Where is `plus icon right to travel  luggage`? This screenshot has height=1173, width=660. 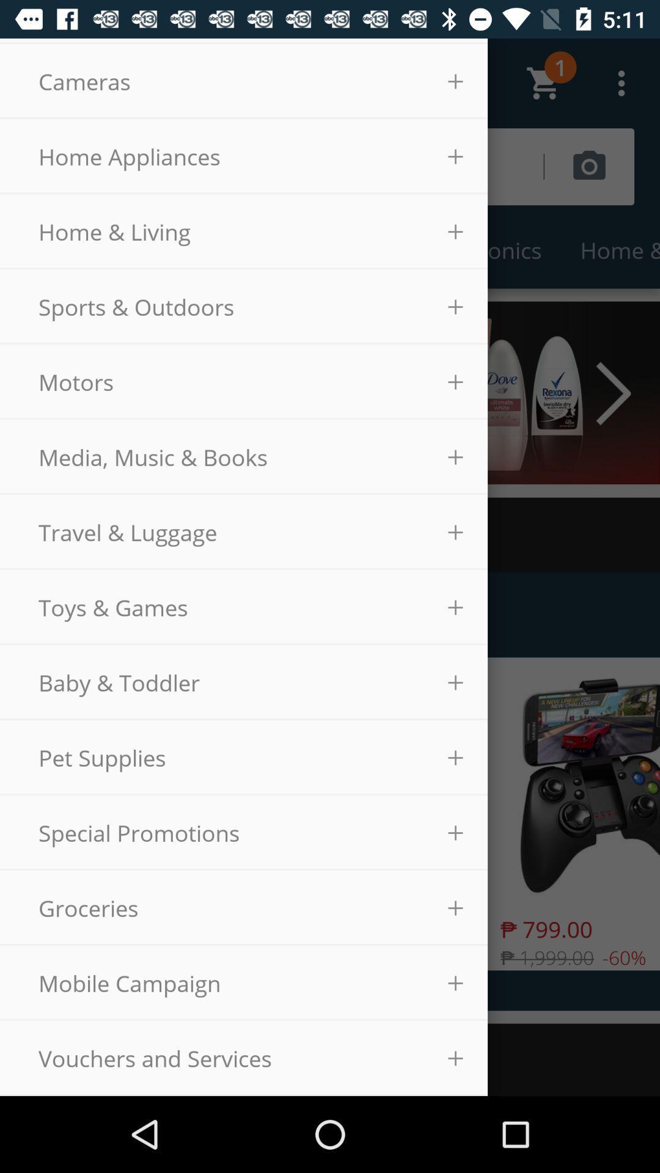 plus icon right to travel  luggage is located at coordinates (455, 533).